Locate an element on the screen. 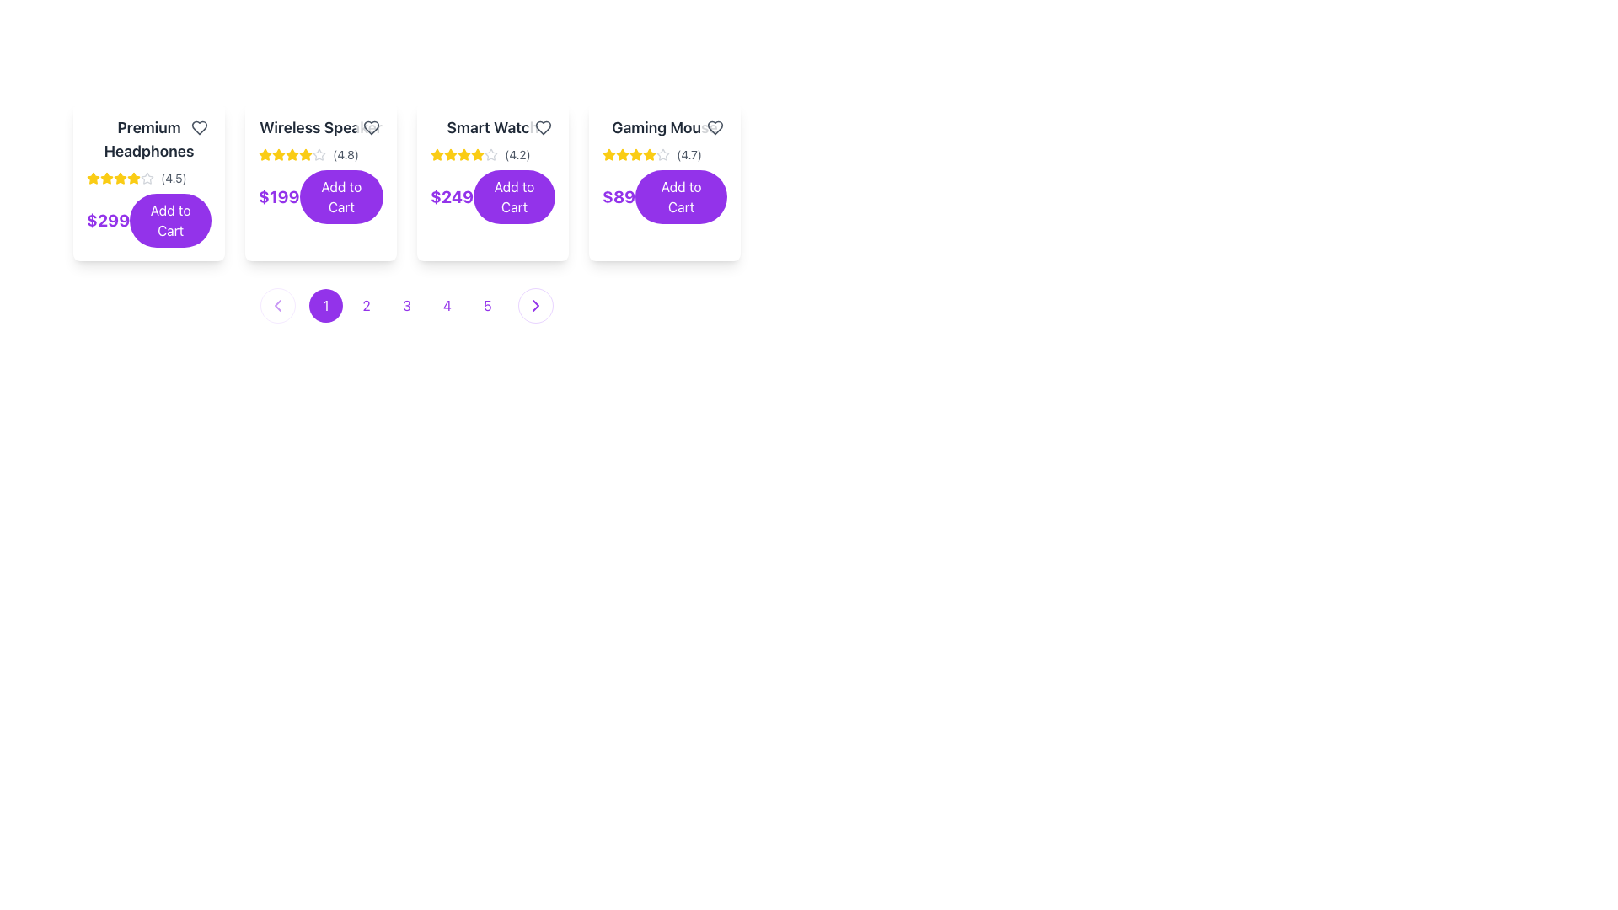 The height and width of the screenshot is (910, 1618). the Rating indicator for the 'Wireless Speaker' product, which visually represents a rating out of 5 stars, located below the product name and next to the numerical average rating of 4.8 stars is located at coordinates (306, 154).